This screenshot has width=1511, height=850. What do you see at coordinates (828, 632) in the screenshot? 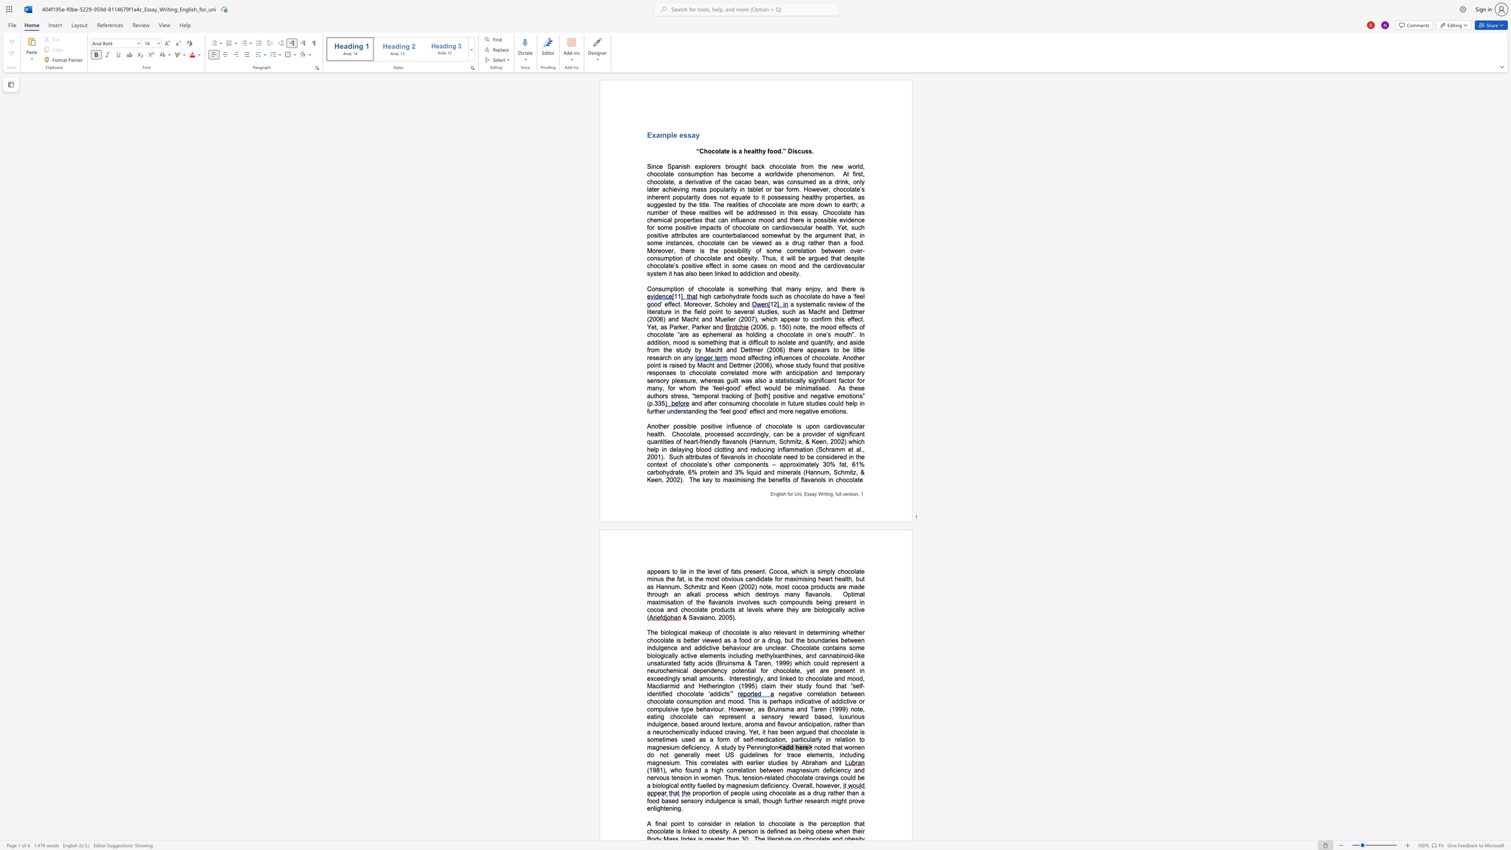
I see `the subset text "ning" within the text "determining"` at bounding box center [828, 632].